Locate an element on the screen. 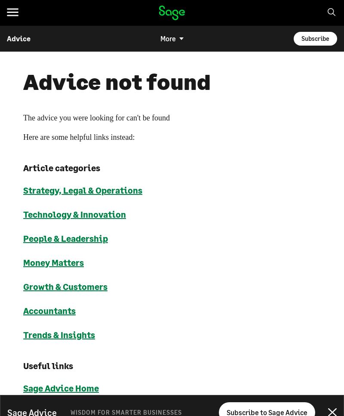 The image size is (344, 416). 'Choose your region and language' is located at coordinates (120, 51).